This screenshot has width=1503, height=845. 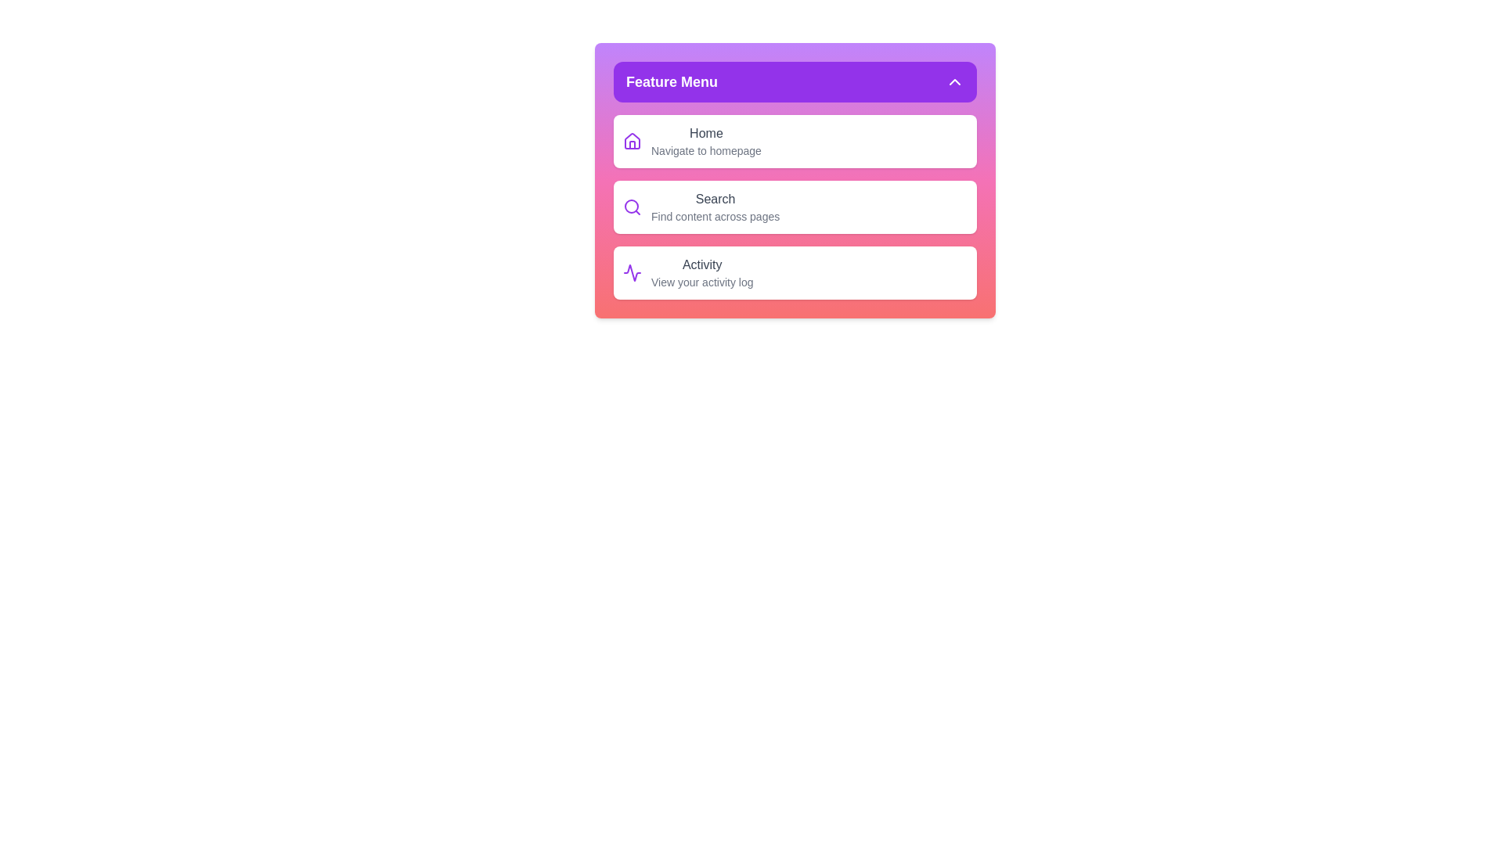 What do you see at coordinates (795, 271) in the screenshot?
I see `the menu item Activity by clicking on it` at bounding box center [795, 271].